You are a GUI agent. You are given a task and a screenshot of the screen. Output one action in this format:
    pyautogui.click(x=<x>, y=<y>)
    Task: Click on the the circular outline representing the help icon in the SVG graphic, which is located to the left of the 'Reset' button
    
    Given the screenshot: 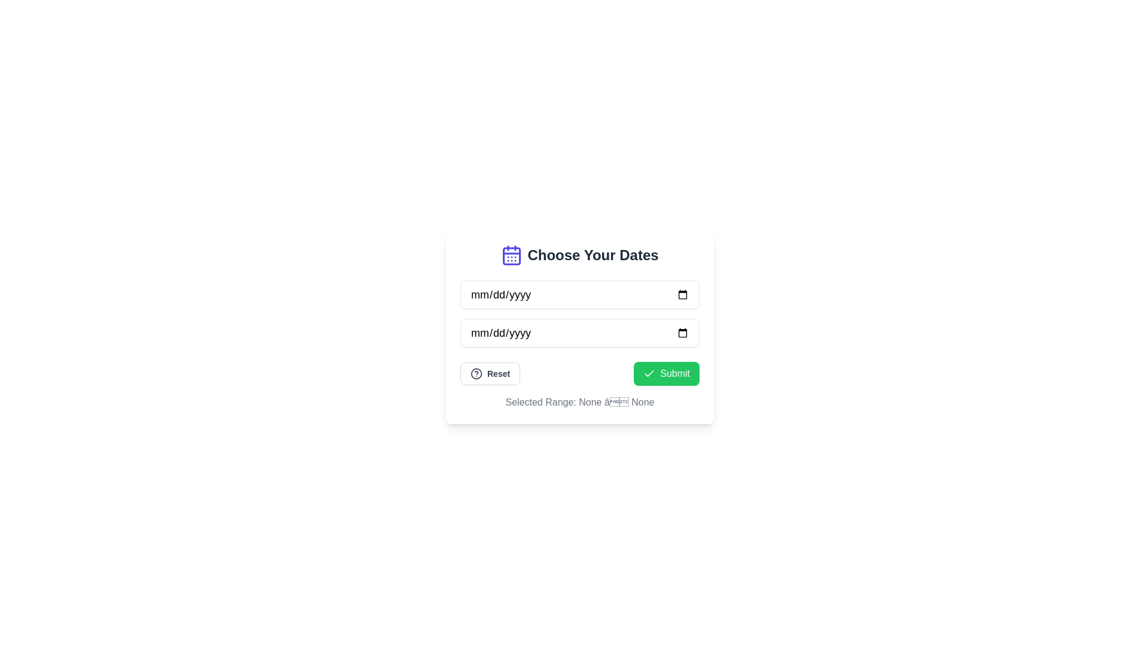 What is the action you would take?
    pyautogui.click(x=475, y=373)
    